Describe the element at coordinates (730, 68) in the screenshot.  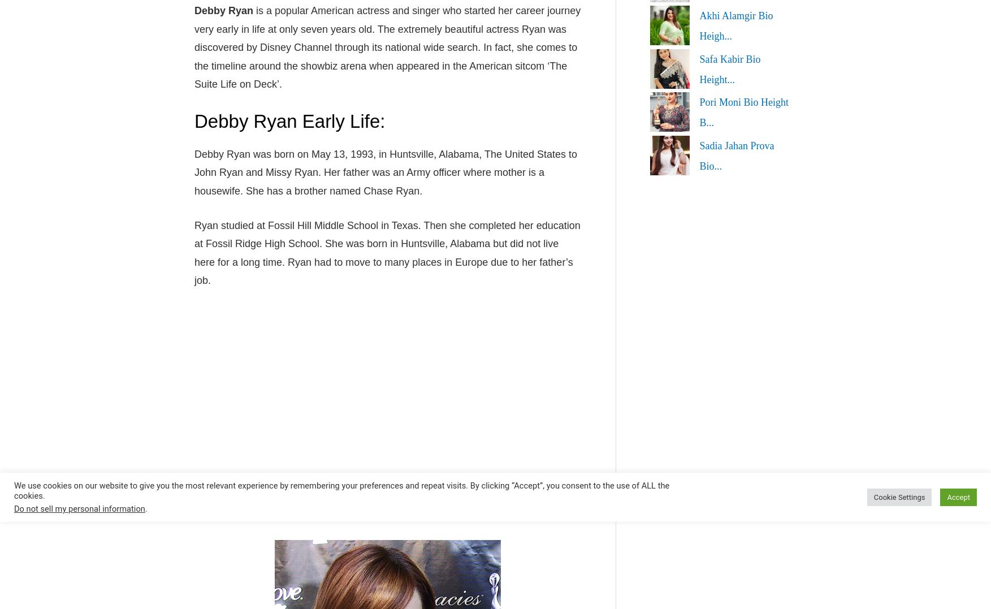
I see `'Safa Kabir Bio Height...'` at that location.